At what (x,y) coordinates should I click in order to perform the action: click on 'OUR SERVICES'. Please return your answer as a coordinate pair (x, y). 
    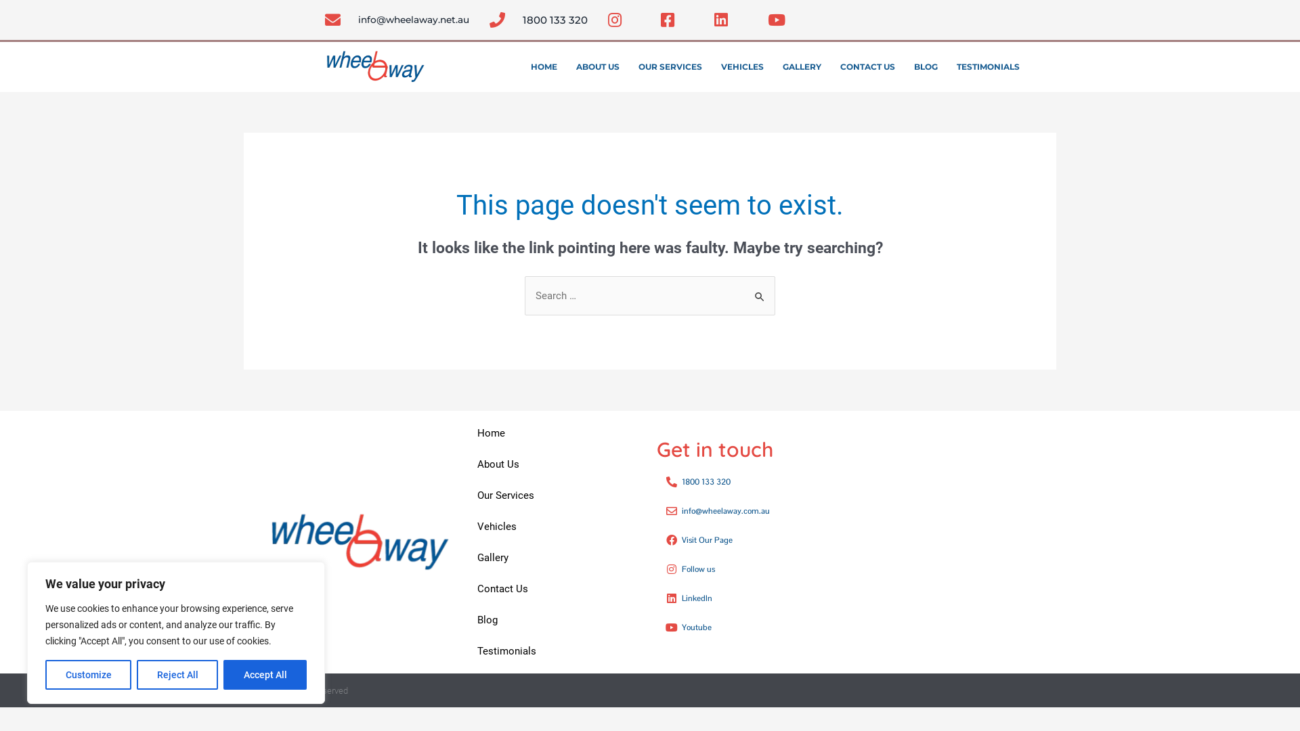
    Looking at the image, I should click on (670, 67).